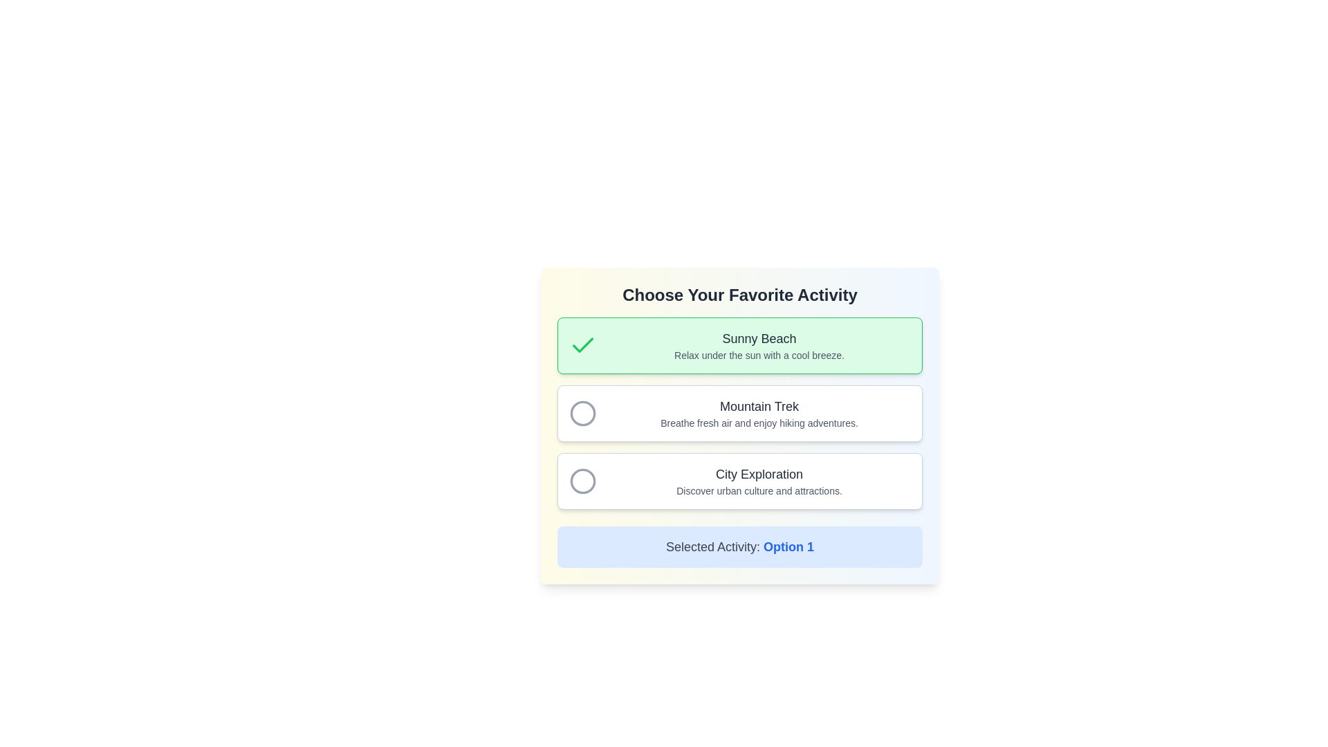  What do you see at coordinates (583, 480) in the screenshot?
I see `the circular button-like indicator representing the 'City Exploration' option` at bounding box center [583, 480].